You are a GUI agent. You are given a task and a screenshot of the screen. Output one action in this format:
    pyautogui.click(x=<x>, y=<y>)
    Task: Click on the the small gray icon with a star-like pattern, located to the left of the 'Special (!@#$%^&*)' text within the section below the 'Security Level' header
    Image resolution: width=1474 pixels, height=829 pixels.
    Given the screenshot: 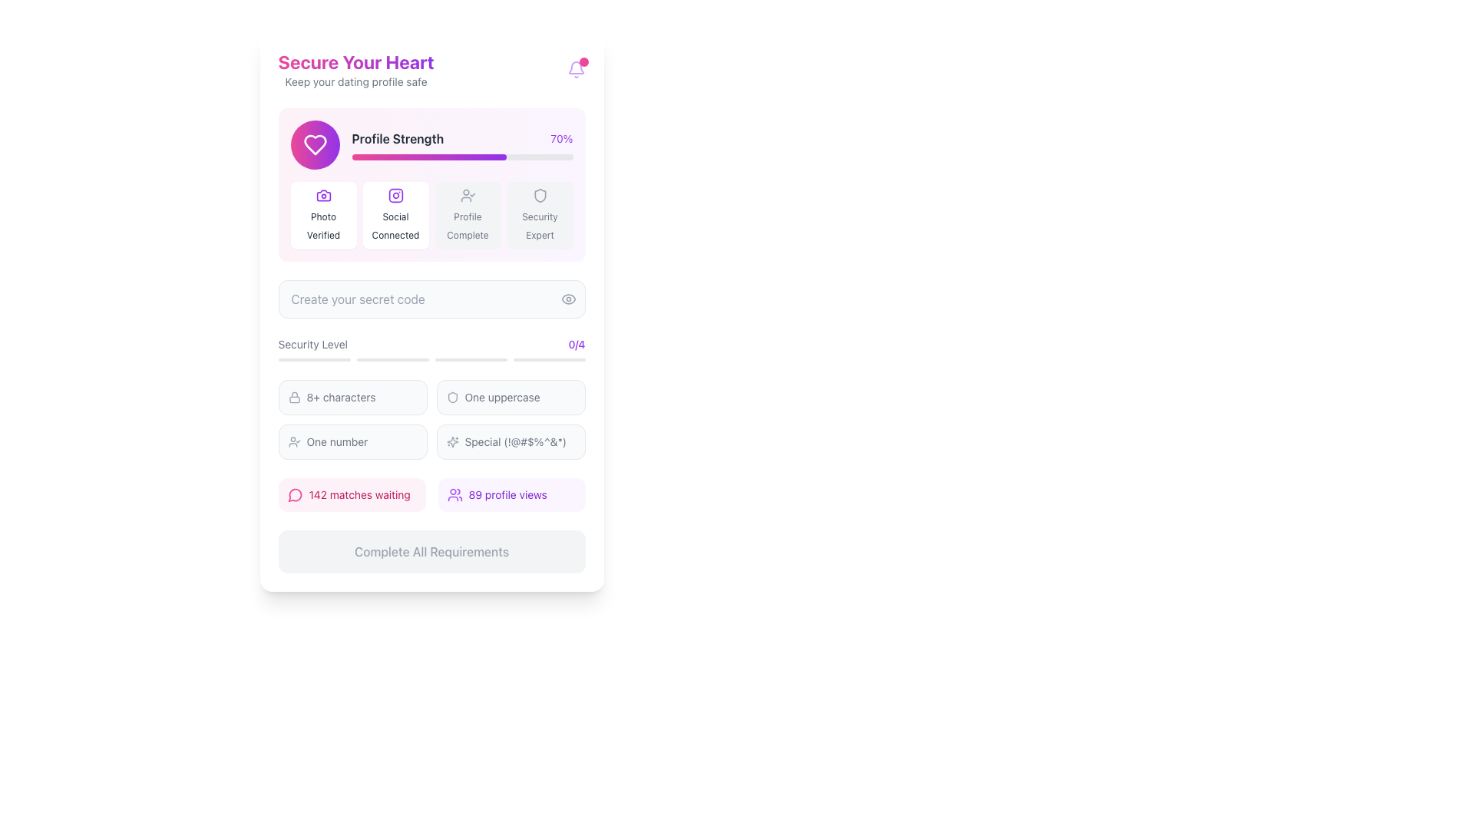 What is the action you would take?
    pyautogui.click(x=451, y=441)
    